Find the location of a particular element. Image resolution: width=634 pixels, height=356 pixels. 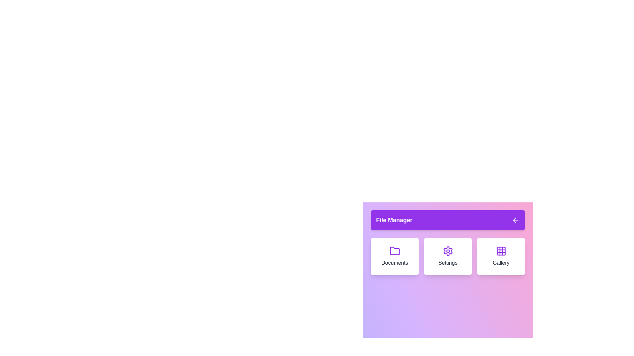

arrow icon at the top right corner of the menu to toggle its visibility is located at coordinates (515, 220).